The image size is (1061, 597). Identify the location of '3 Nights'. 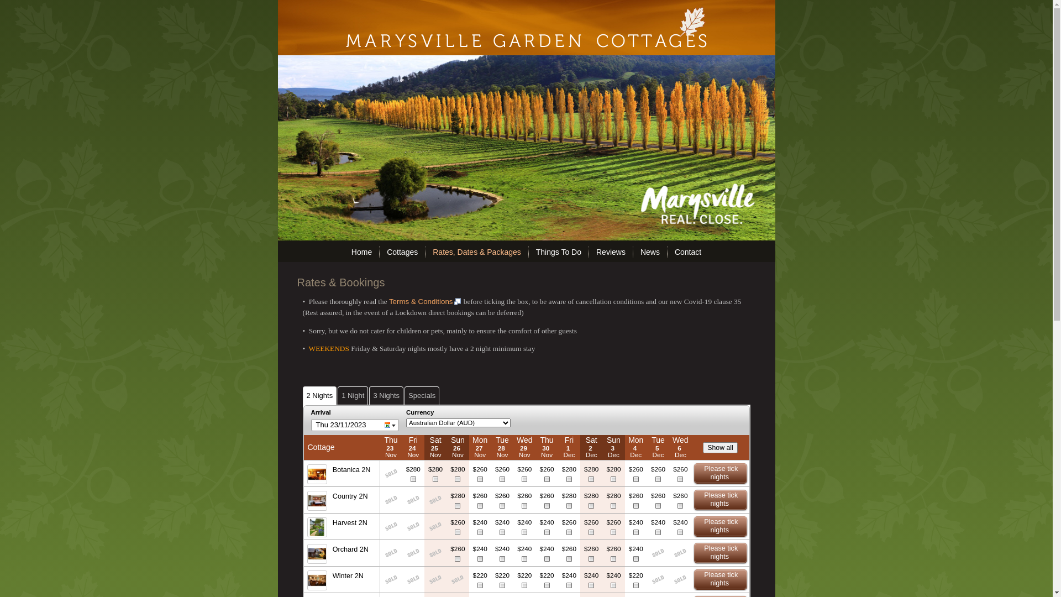
(386, 395).